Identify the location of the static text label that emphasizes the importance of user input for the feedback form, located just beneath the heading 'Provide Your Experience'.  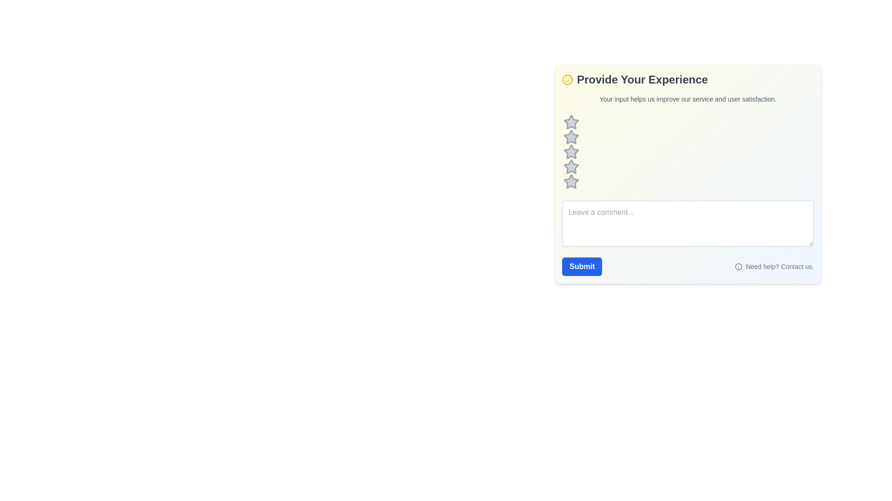
(688, 99).